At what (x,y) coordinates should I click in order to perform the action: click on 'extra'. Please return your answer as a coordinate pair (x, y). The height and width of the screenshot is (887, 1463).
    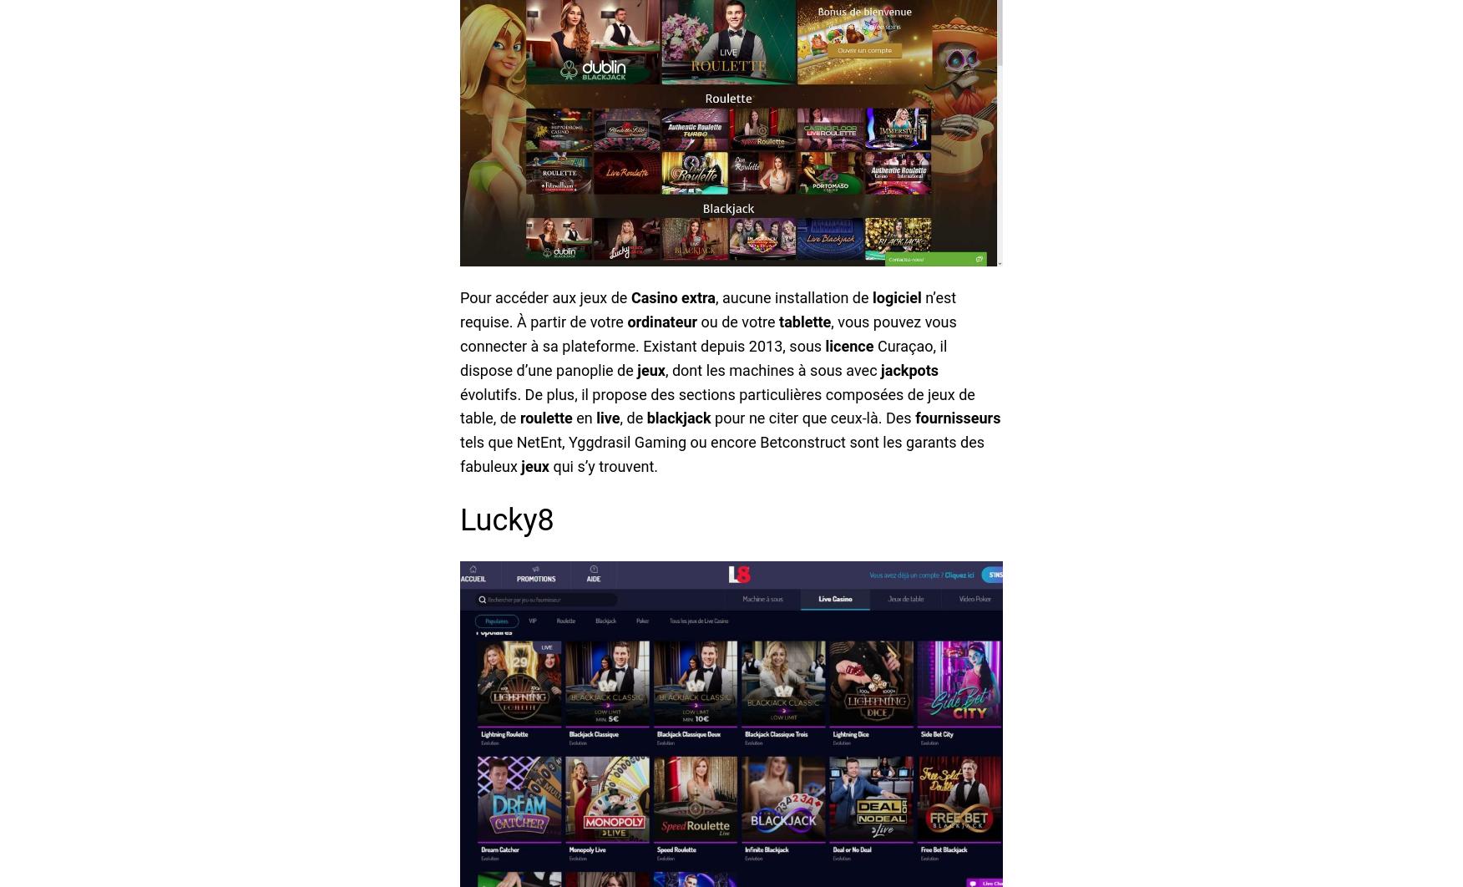
    Looking at the image, I should click on (681, 297).